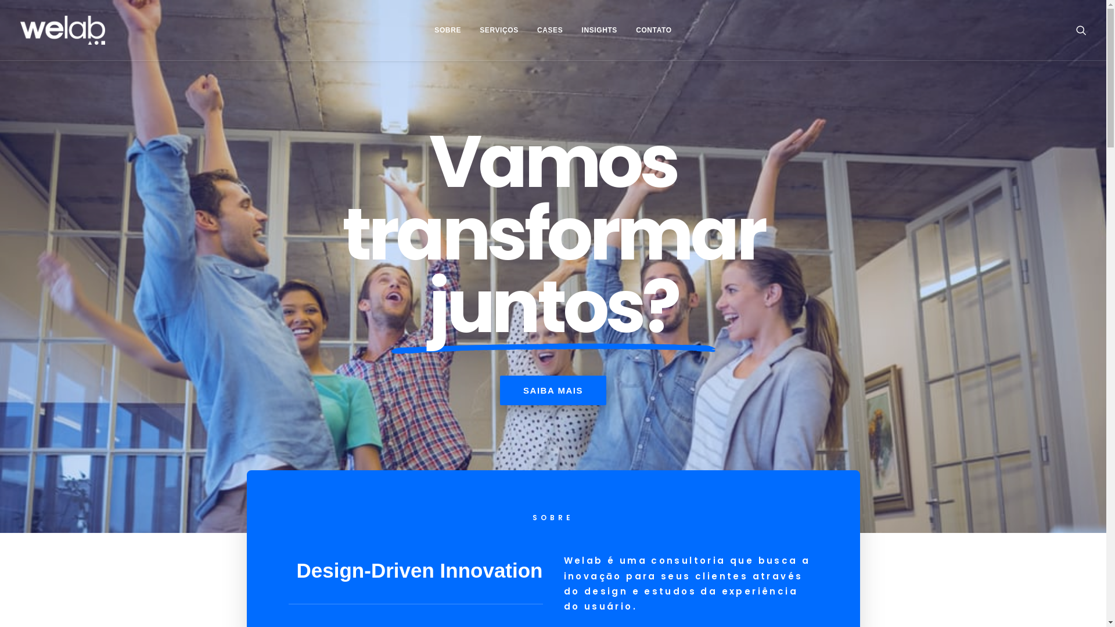 The image size is (1115, 627). What do you see at coordinates (549, 29) in the screenshot?
I see `'CASES'` at bounding box center [549, 29].